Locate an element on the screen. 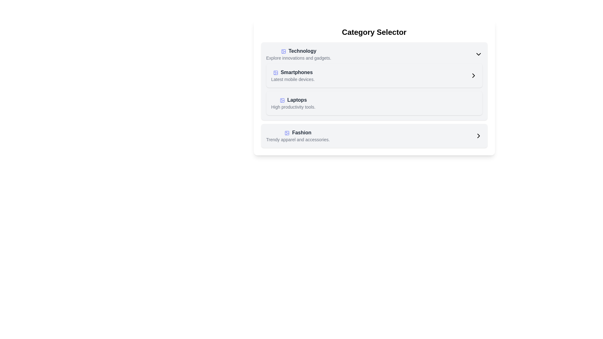 The width and height of the screenshot is (603, 339). the small rectangular SVG graphical component with rounded corners that represents the 'Technology' category icon is located at coordinates (283, 51).